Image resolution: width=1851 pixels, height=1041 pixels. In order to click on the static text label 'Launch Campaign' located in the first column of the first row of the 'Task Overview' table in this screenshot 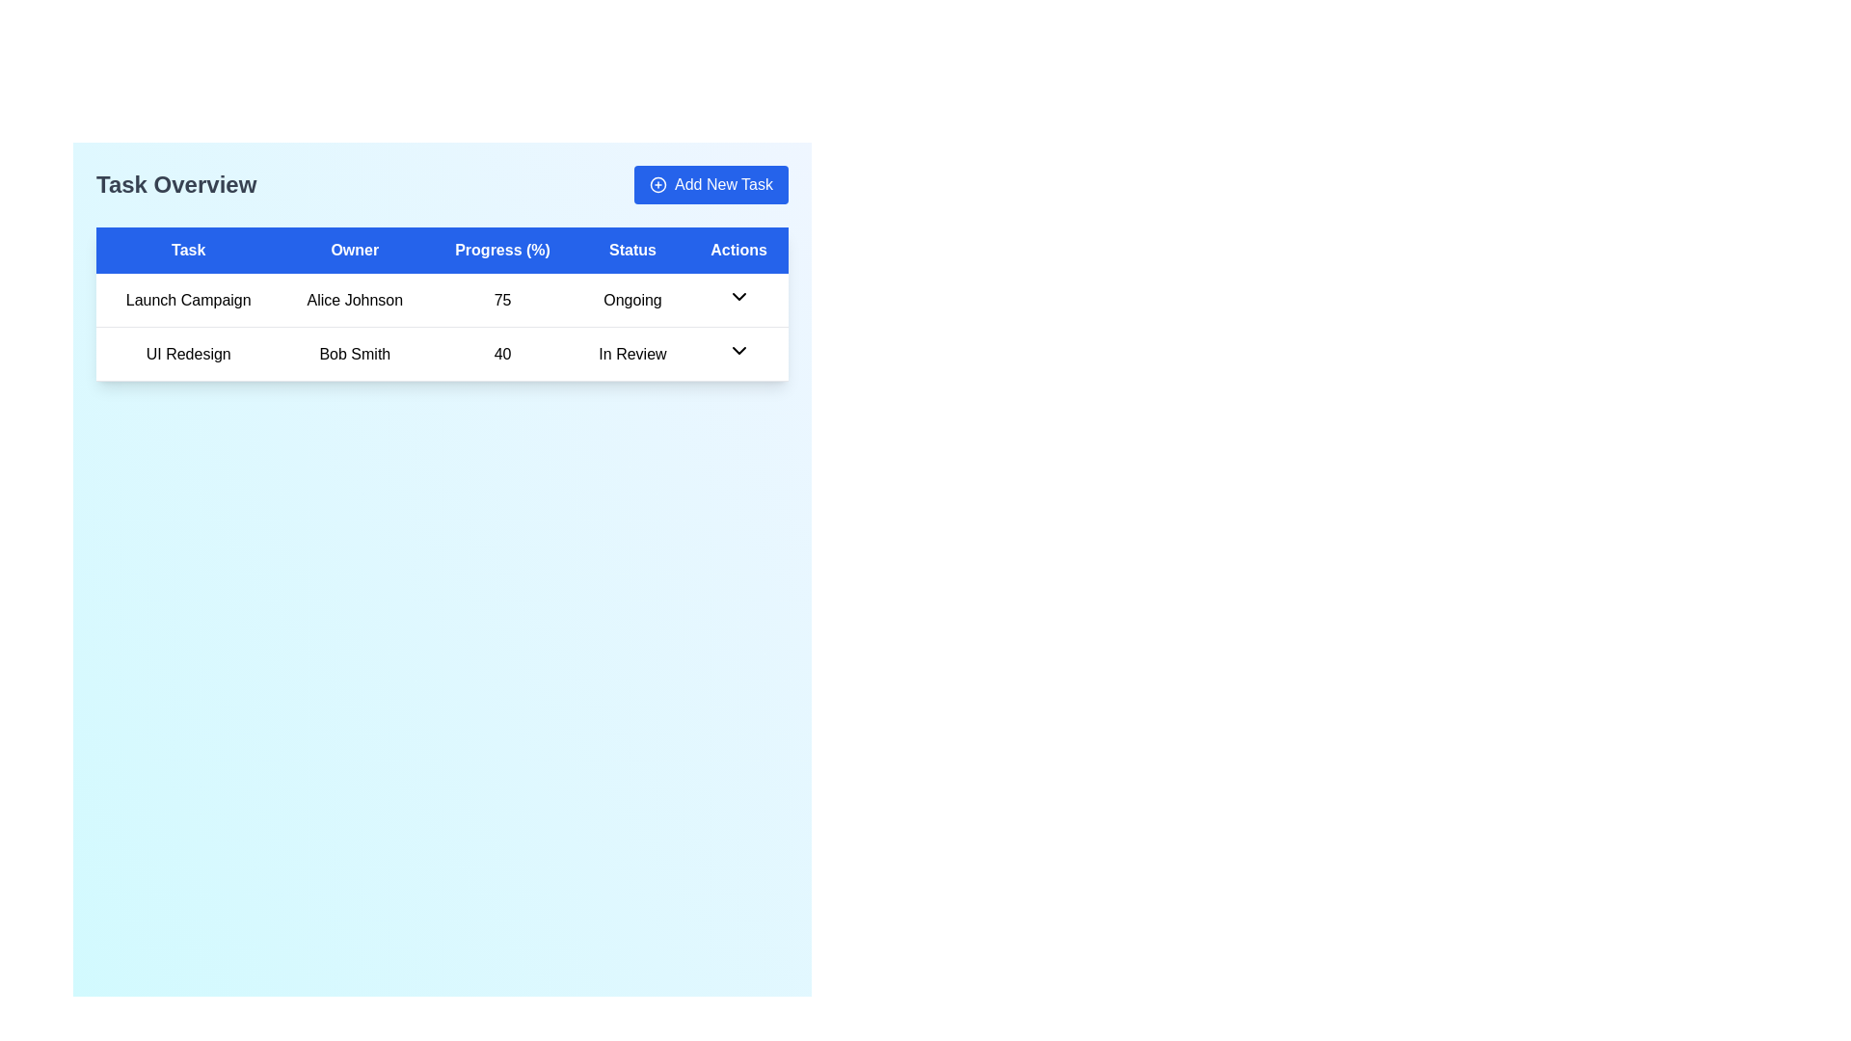, I will do `click(188, 300)`.